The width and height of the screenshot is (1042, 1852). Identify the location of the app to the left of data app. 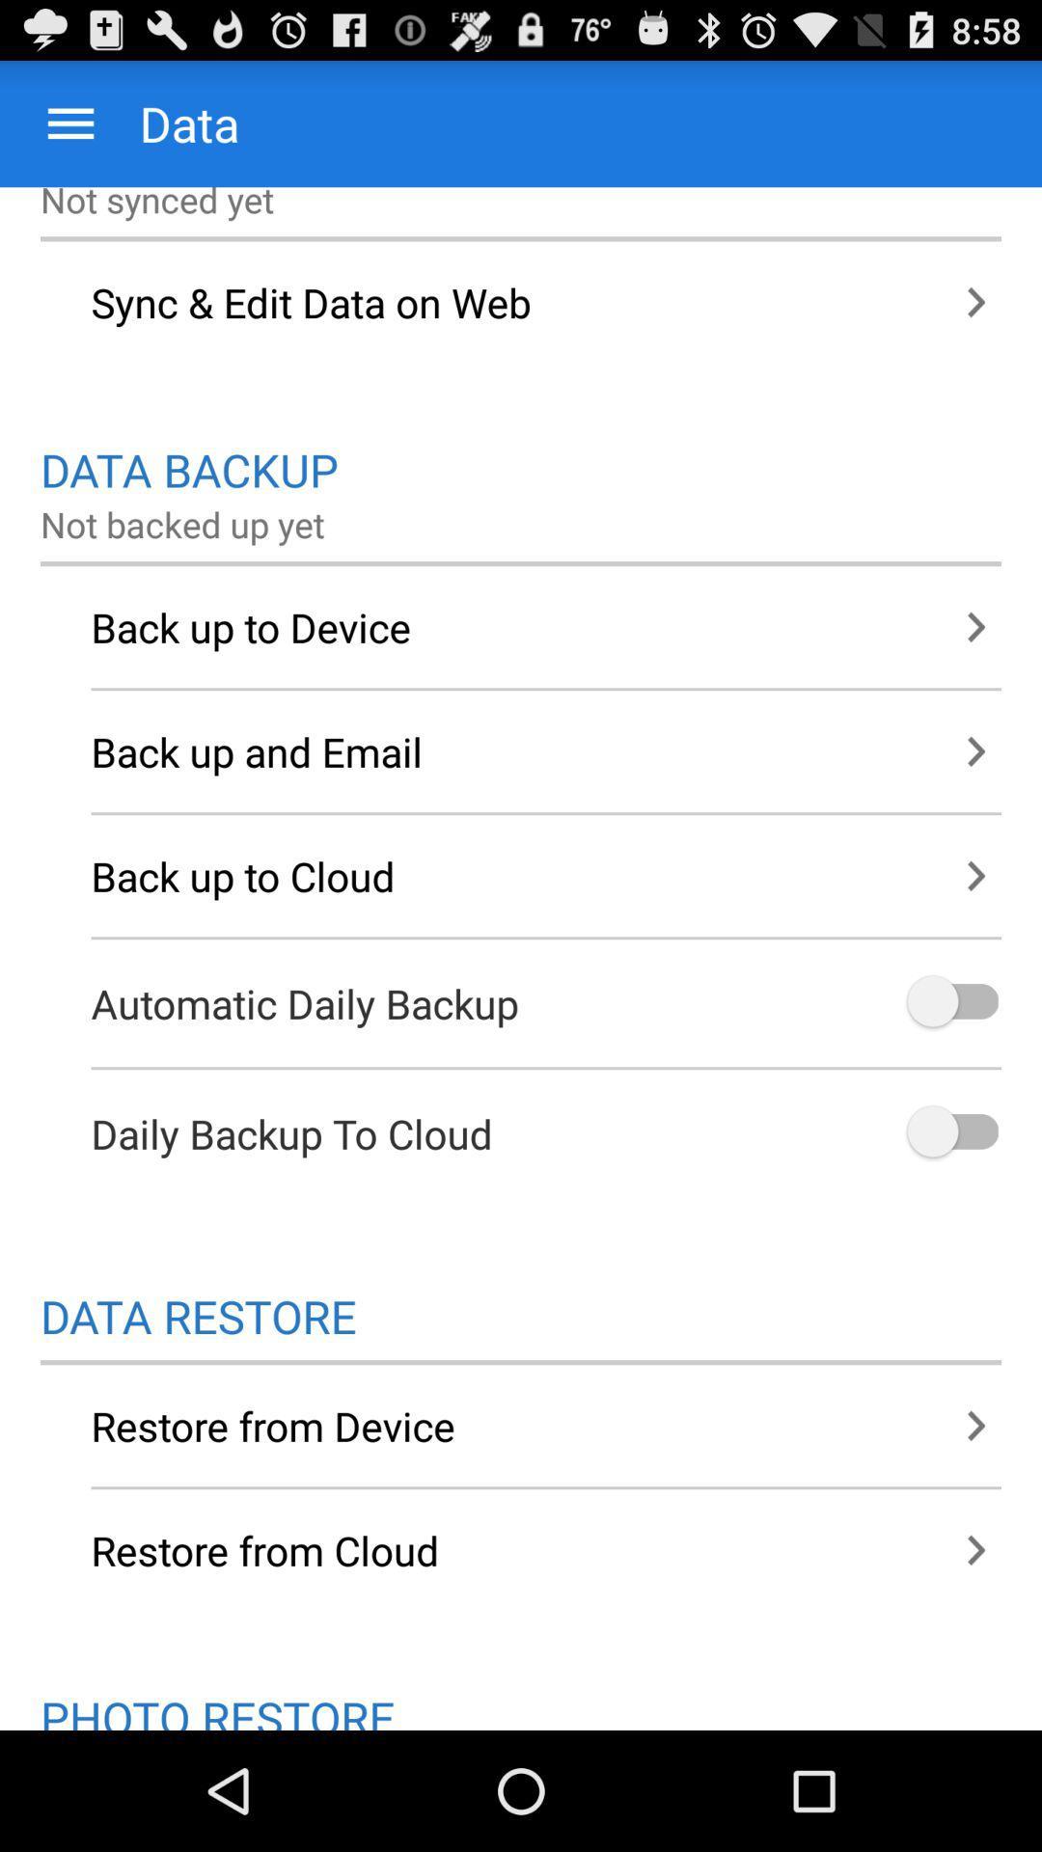
(69, 123).